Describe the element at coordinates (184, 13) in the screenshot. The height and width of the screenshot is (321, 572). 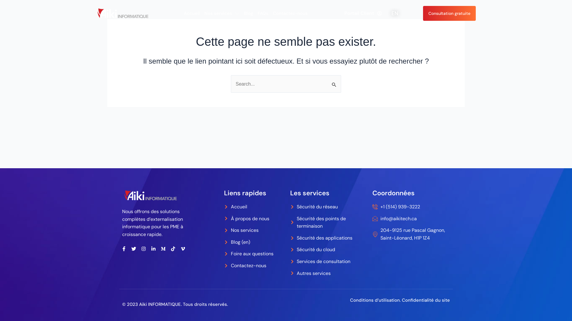
I see `'Accueil'` at that location.